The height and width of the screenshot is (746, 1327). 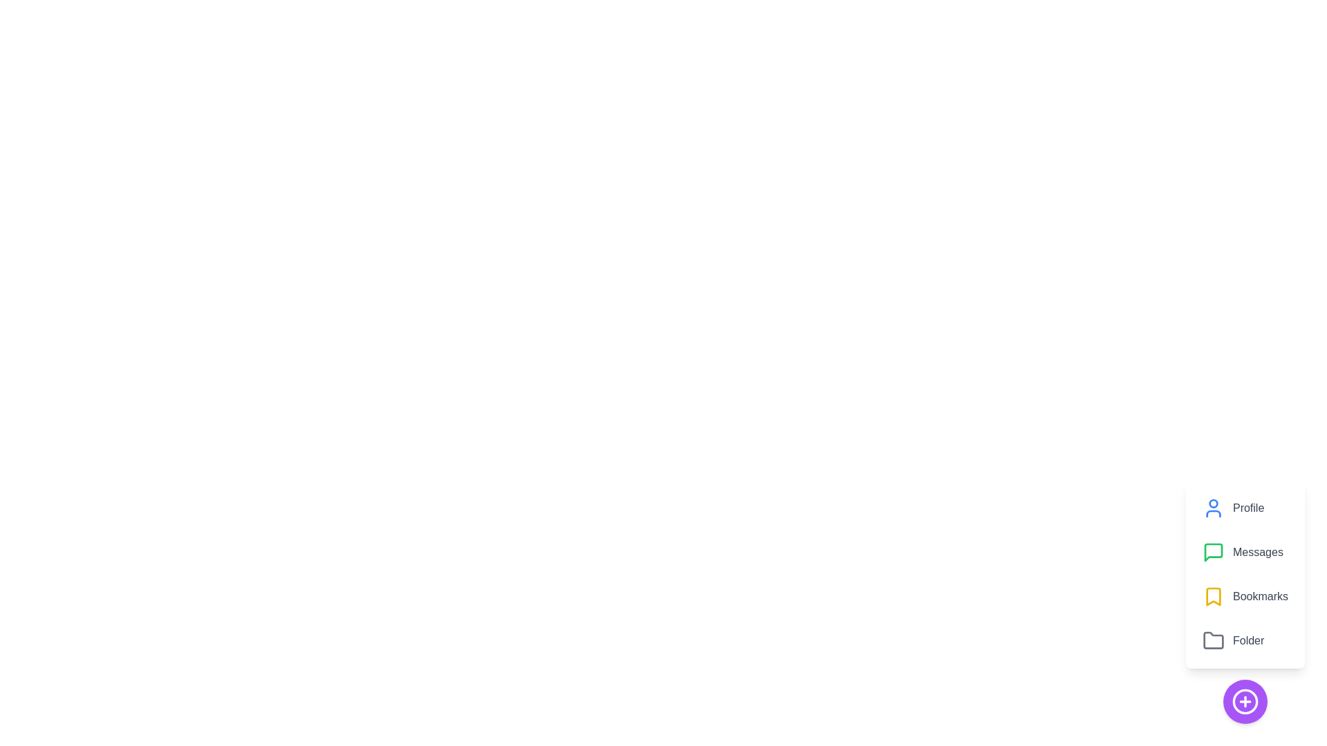 What do you see at coordinates (1245, 701) in the screenshot?
I see `purple button to toggle the visibility of the options menu` at bounding box center [1245, 701].